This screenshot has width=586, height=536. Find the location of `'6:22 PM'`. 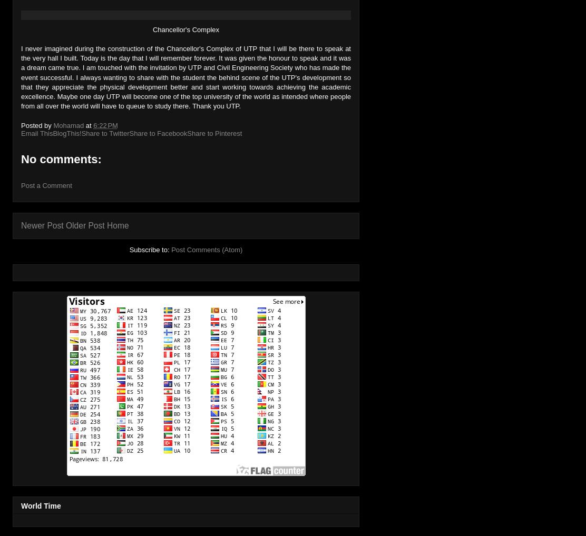

'6:22 PM' is located at coordinates (105, 124).